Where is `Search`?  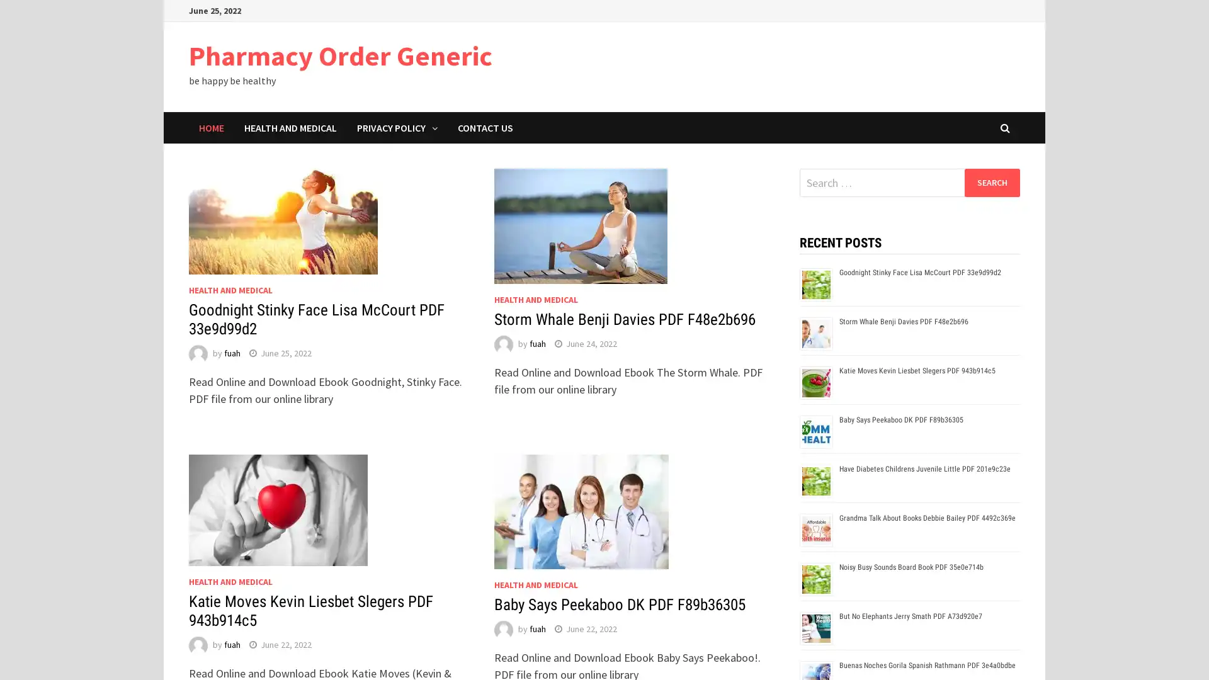
Search is located at coordinates (991, 182).